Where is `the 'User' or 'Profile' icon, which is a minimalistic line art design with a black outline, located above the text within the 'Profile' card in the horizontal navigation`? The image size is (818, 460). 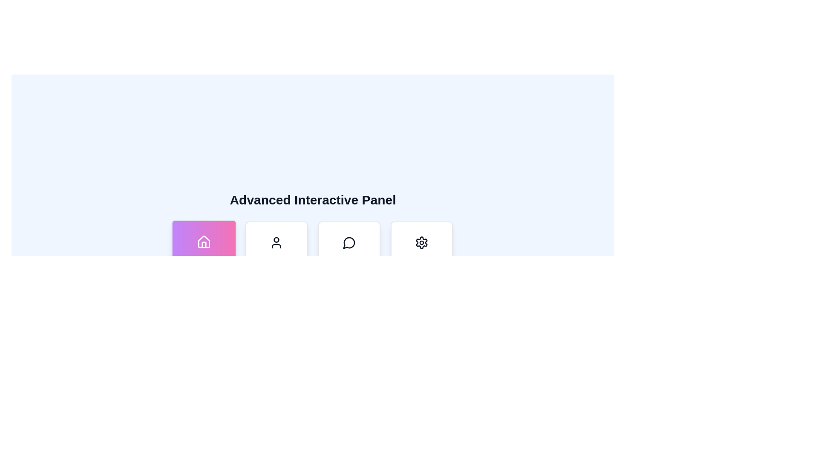
the 'User' or 'Profile' icon, which is a minimalistic line art design with a black outline, located above the text within the 'Profile' card in the horizontal navigation is located at coordinates (277, 243).